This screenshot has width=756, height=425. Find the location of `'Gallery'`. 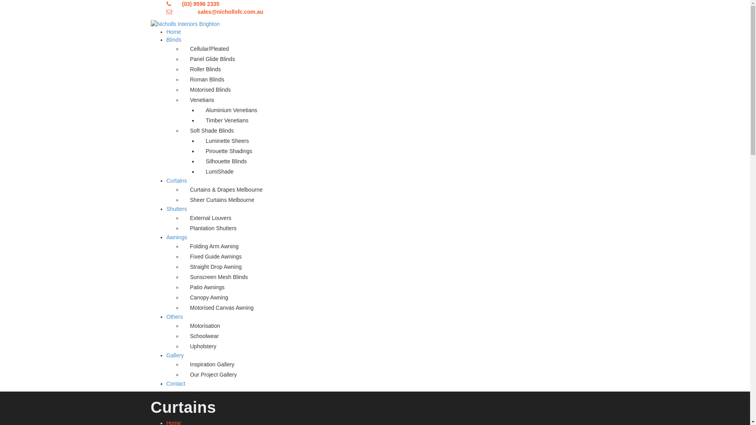

'Gallery' is located at coordinates (166, 355).